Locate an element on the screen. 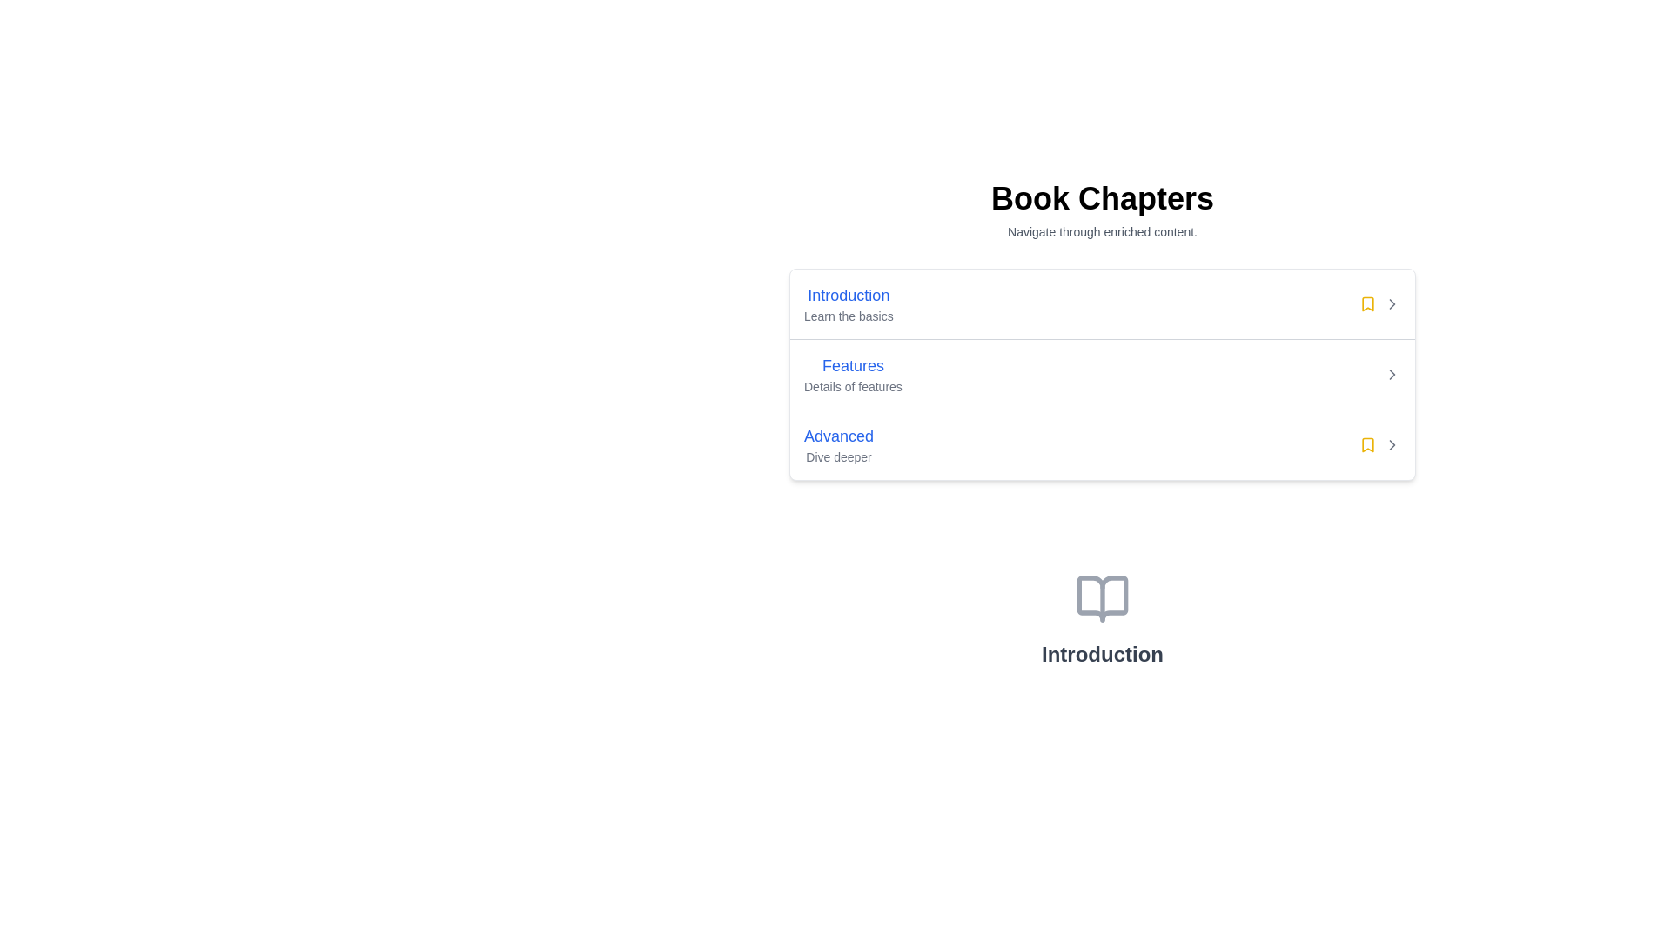  the 'Advanced' hyperlink, which is styled prominently in blue and located below the 'Features' item in the 'Book Chapters' section is located at coordinates (839, 435).